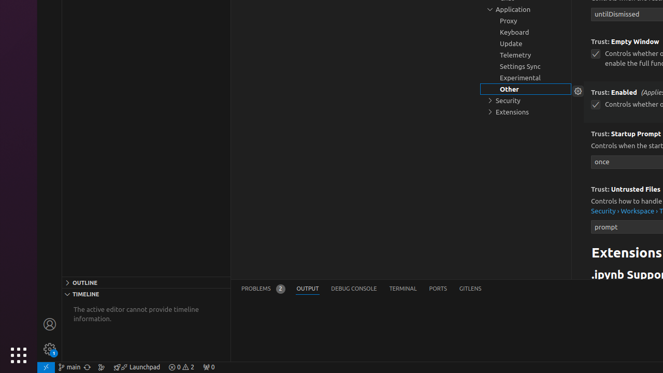 This screenshot has width=663, height=373. I want to click on 'No Ports Forwarded', so click(208, 366).